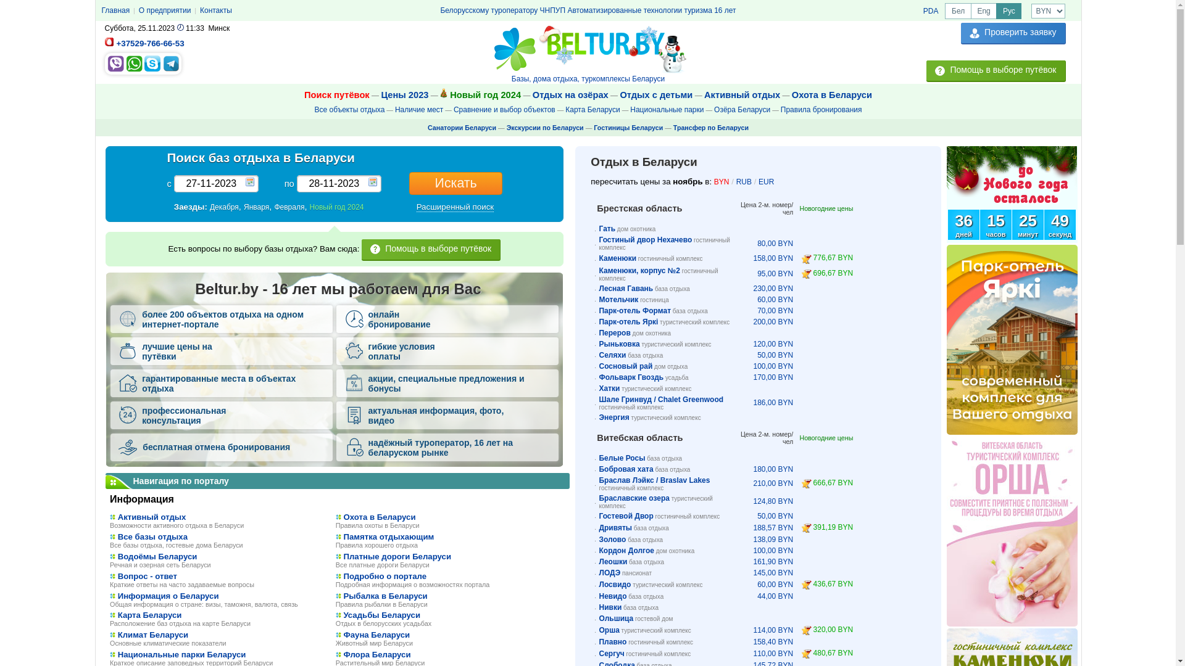  I want to click on '44,00 BYN', so click(775, 596).